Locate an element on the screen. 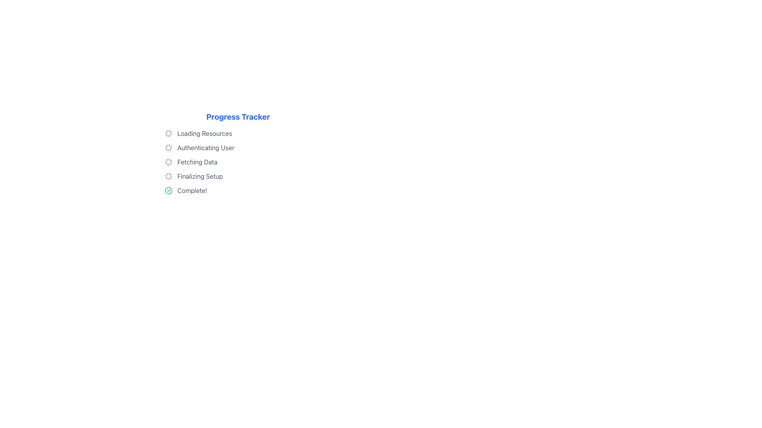 The height and width of the screenshot is (428, 762). the completed status step indicator icon located to the left of the 'Complete!' label in the progress tracker is located at coordinates (168, 191).